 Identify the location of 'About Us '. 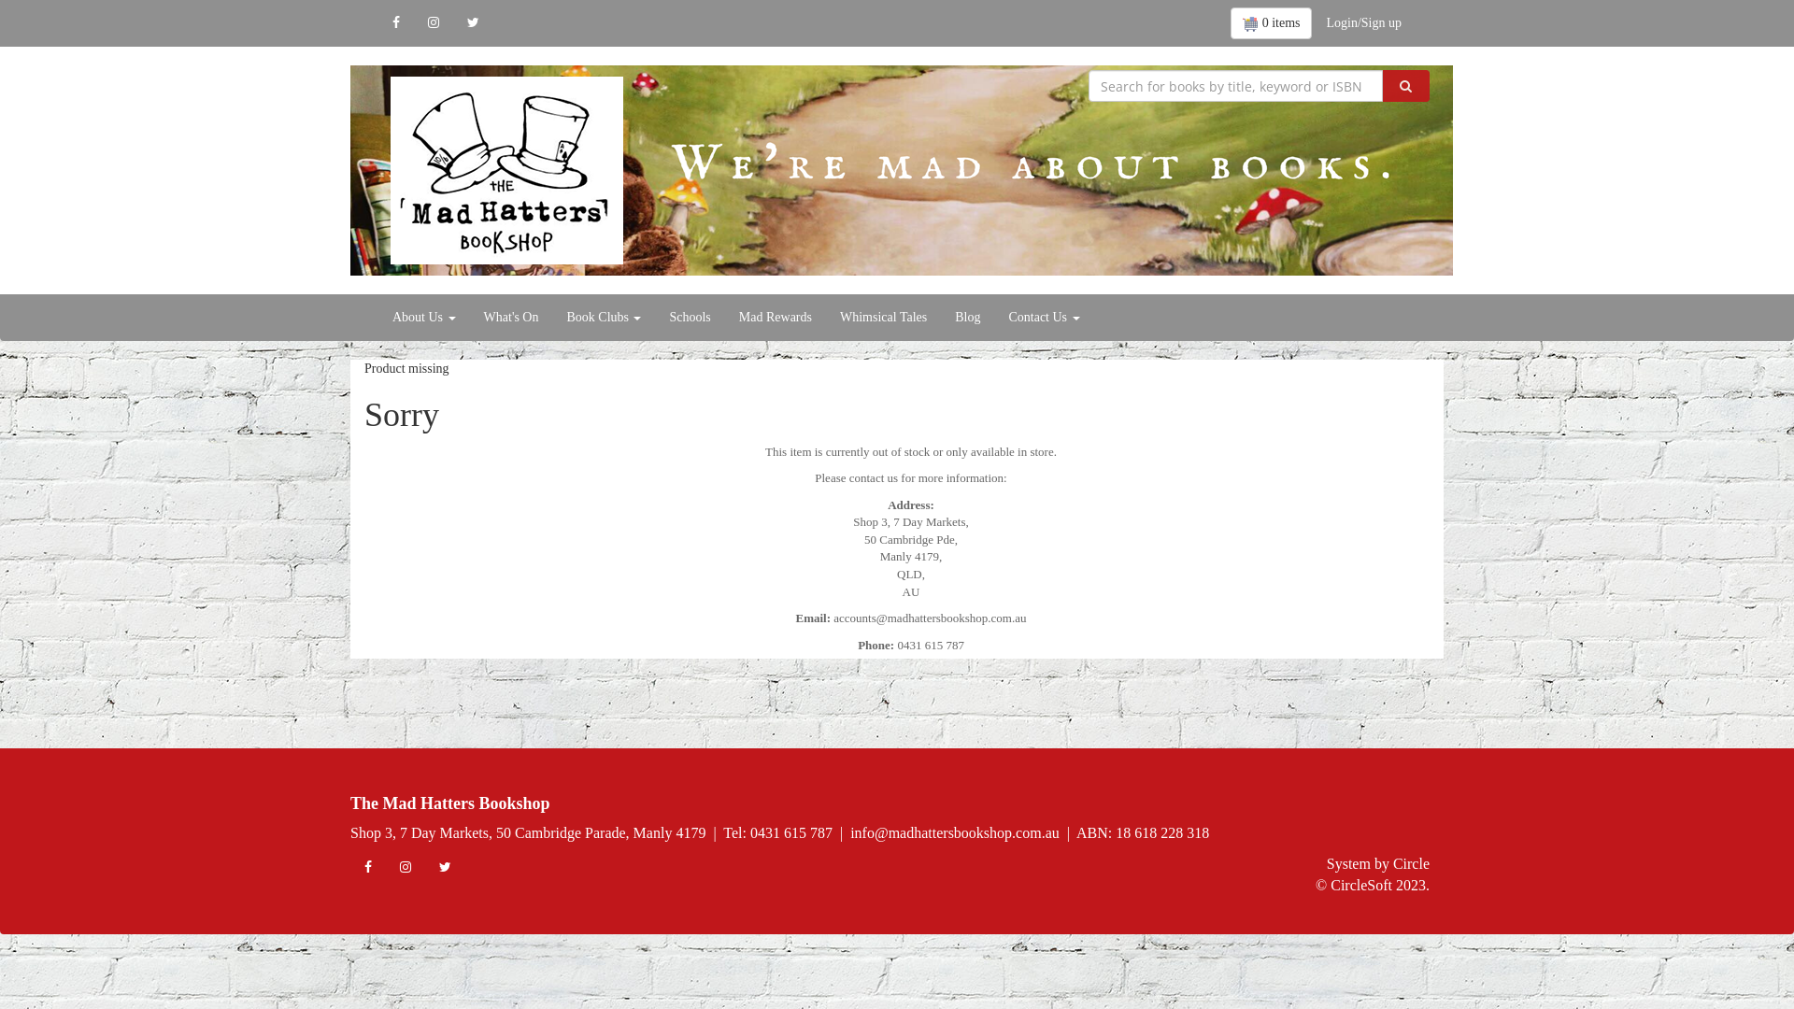
(423, 316).